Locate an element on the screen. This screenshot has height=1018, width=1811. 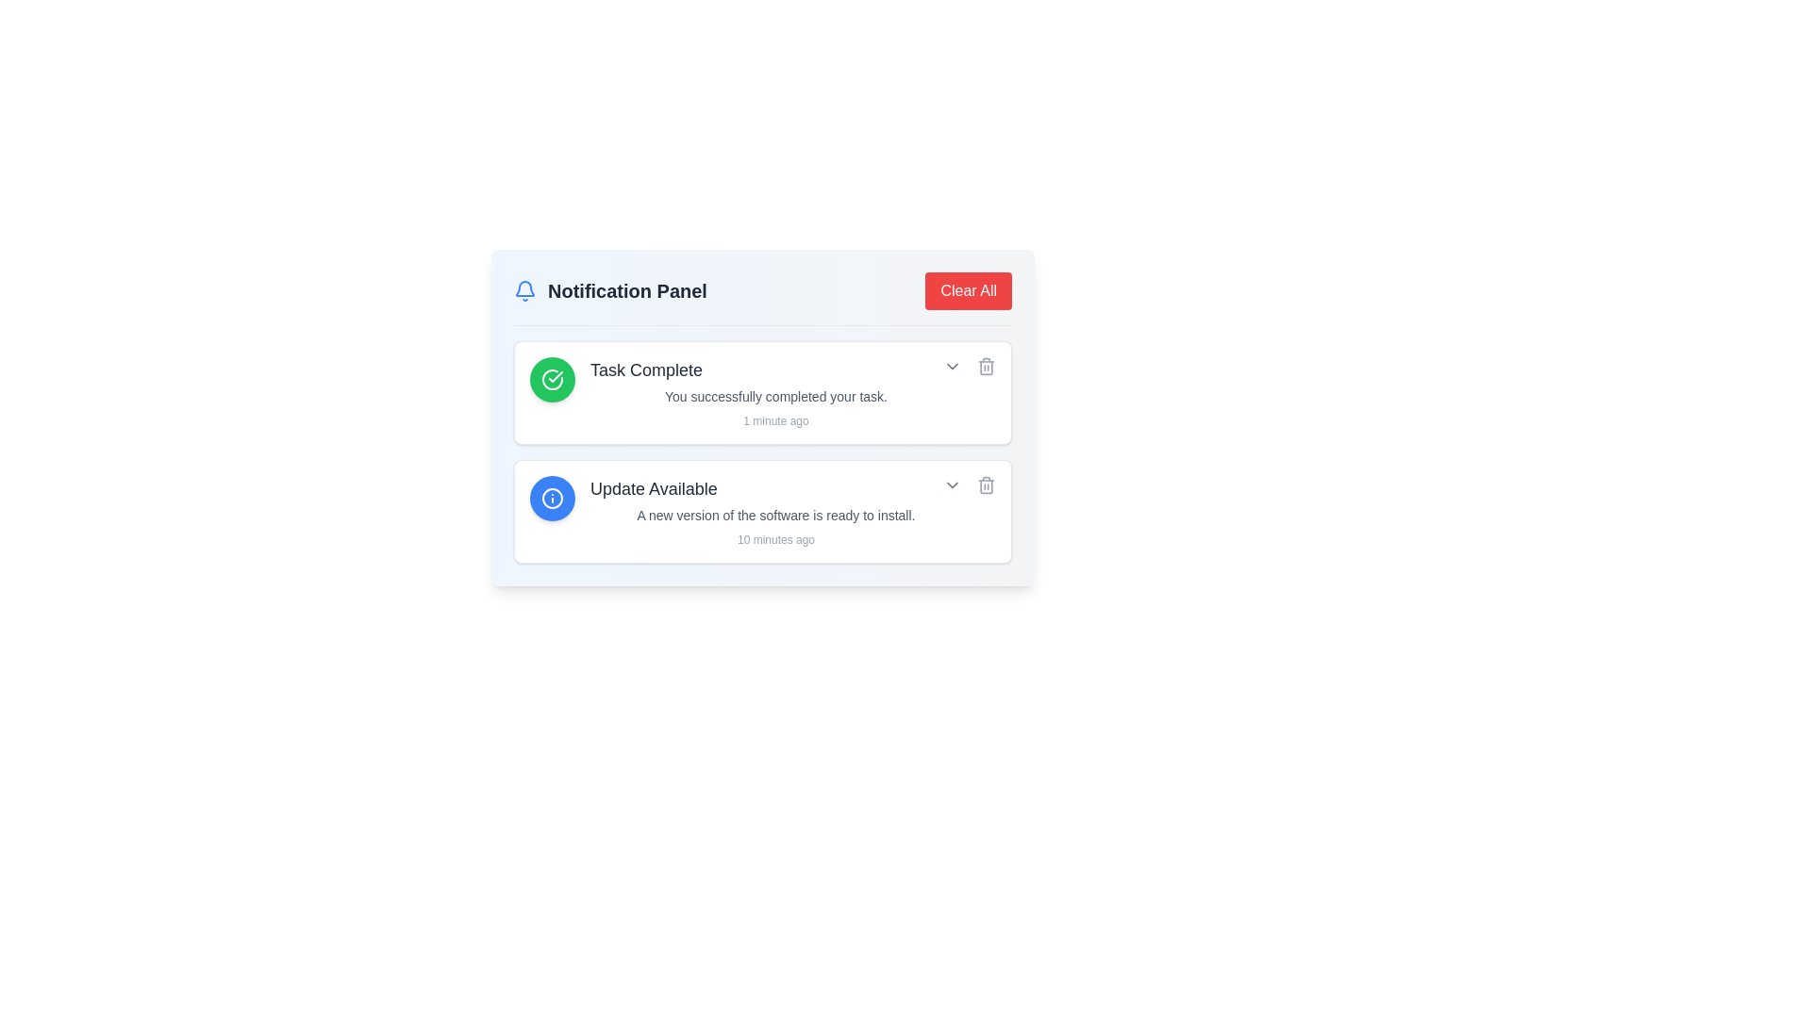
the informational text label beneath the 'Task Complete' title in the notification card located in the Notification Panel is located at coordinates (775, 395).